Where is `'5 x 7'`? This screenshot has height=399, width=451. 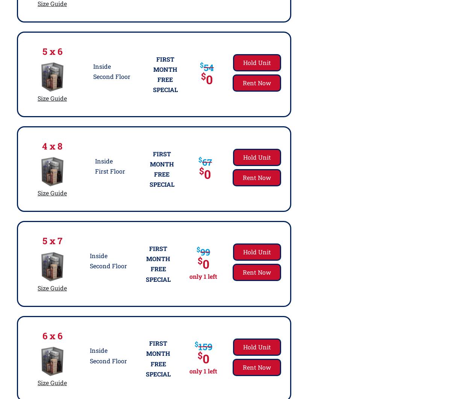 '5 x 7' is located at coordinates (52, 241).